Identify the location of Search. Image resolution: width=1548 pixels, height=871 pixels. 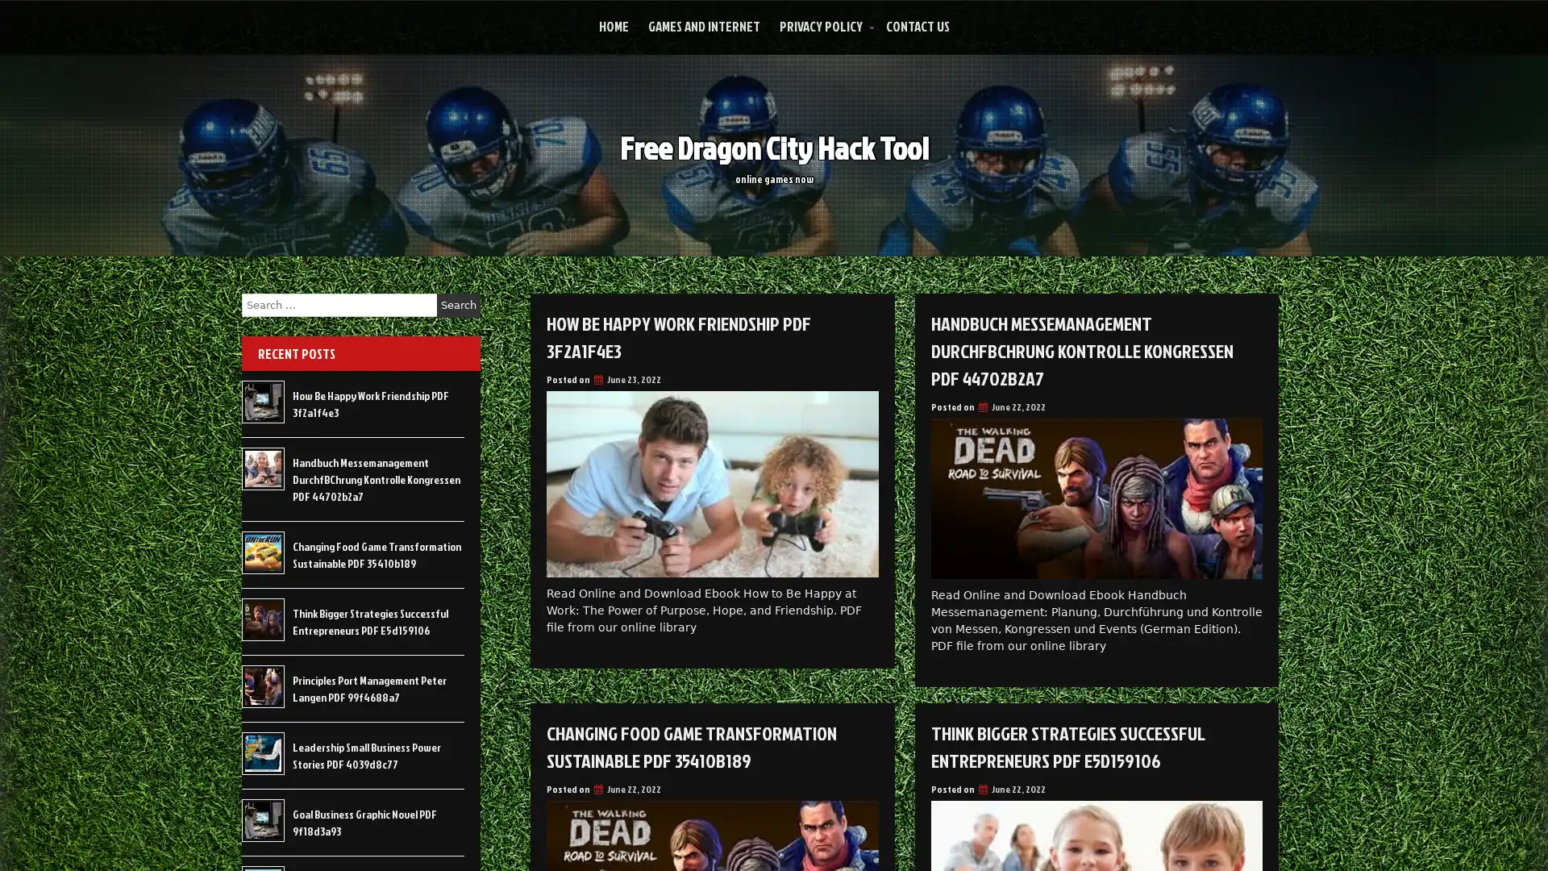
(458, 305).